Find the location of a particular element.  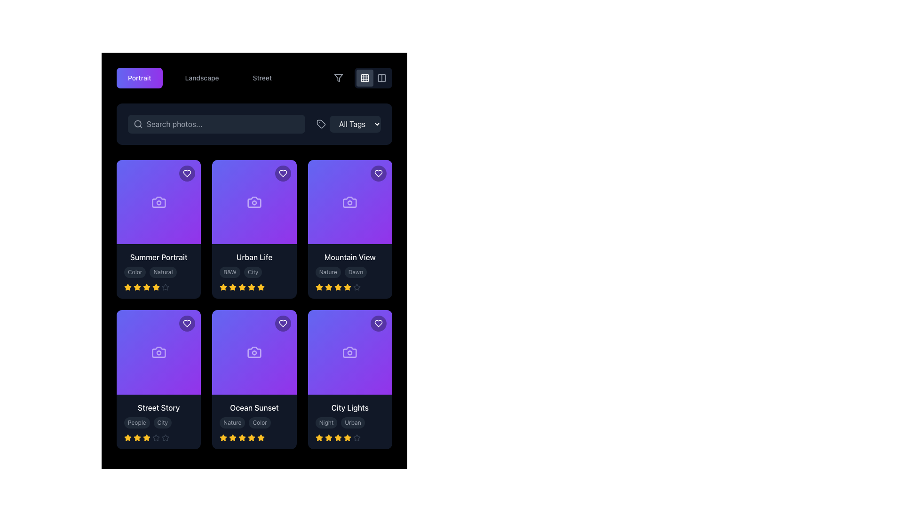

the 'like' or 'favorite' button located at the top-right corner of the card labeled 'Ocean Sunset' to express preference for the associated item is located at coordinates (282, 323).